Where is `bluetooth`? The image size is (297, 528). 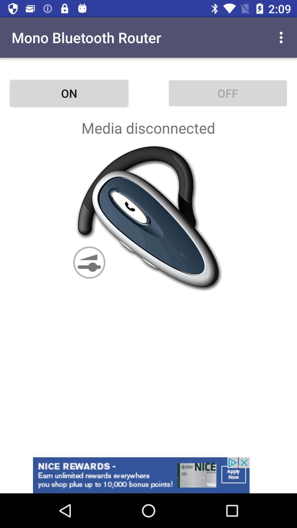 bluetooth is located at coordinates (148, 218).